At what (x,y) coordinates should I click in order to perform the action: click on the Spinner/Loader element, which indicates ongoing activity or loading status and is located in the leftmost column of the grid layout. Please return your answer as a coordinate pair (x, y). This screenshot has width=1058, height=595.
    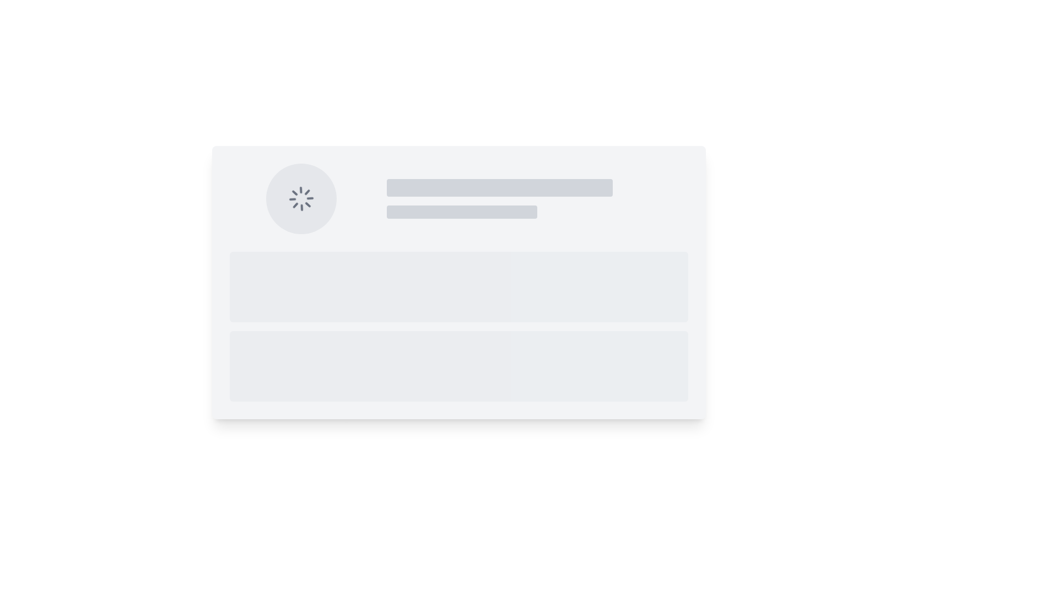
    Looking at the image, I should click on (301, 199).